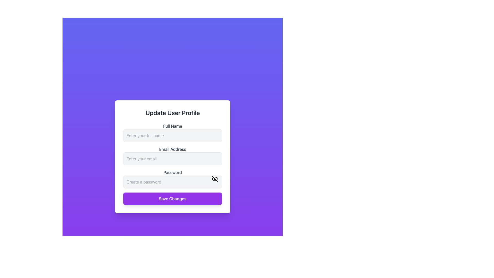  I want to click on the 'Save Changes' button, which is a vibrant purple button with white text, located at the bottom of the form, so click(173, 198).